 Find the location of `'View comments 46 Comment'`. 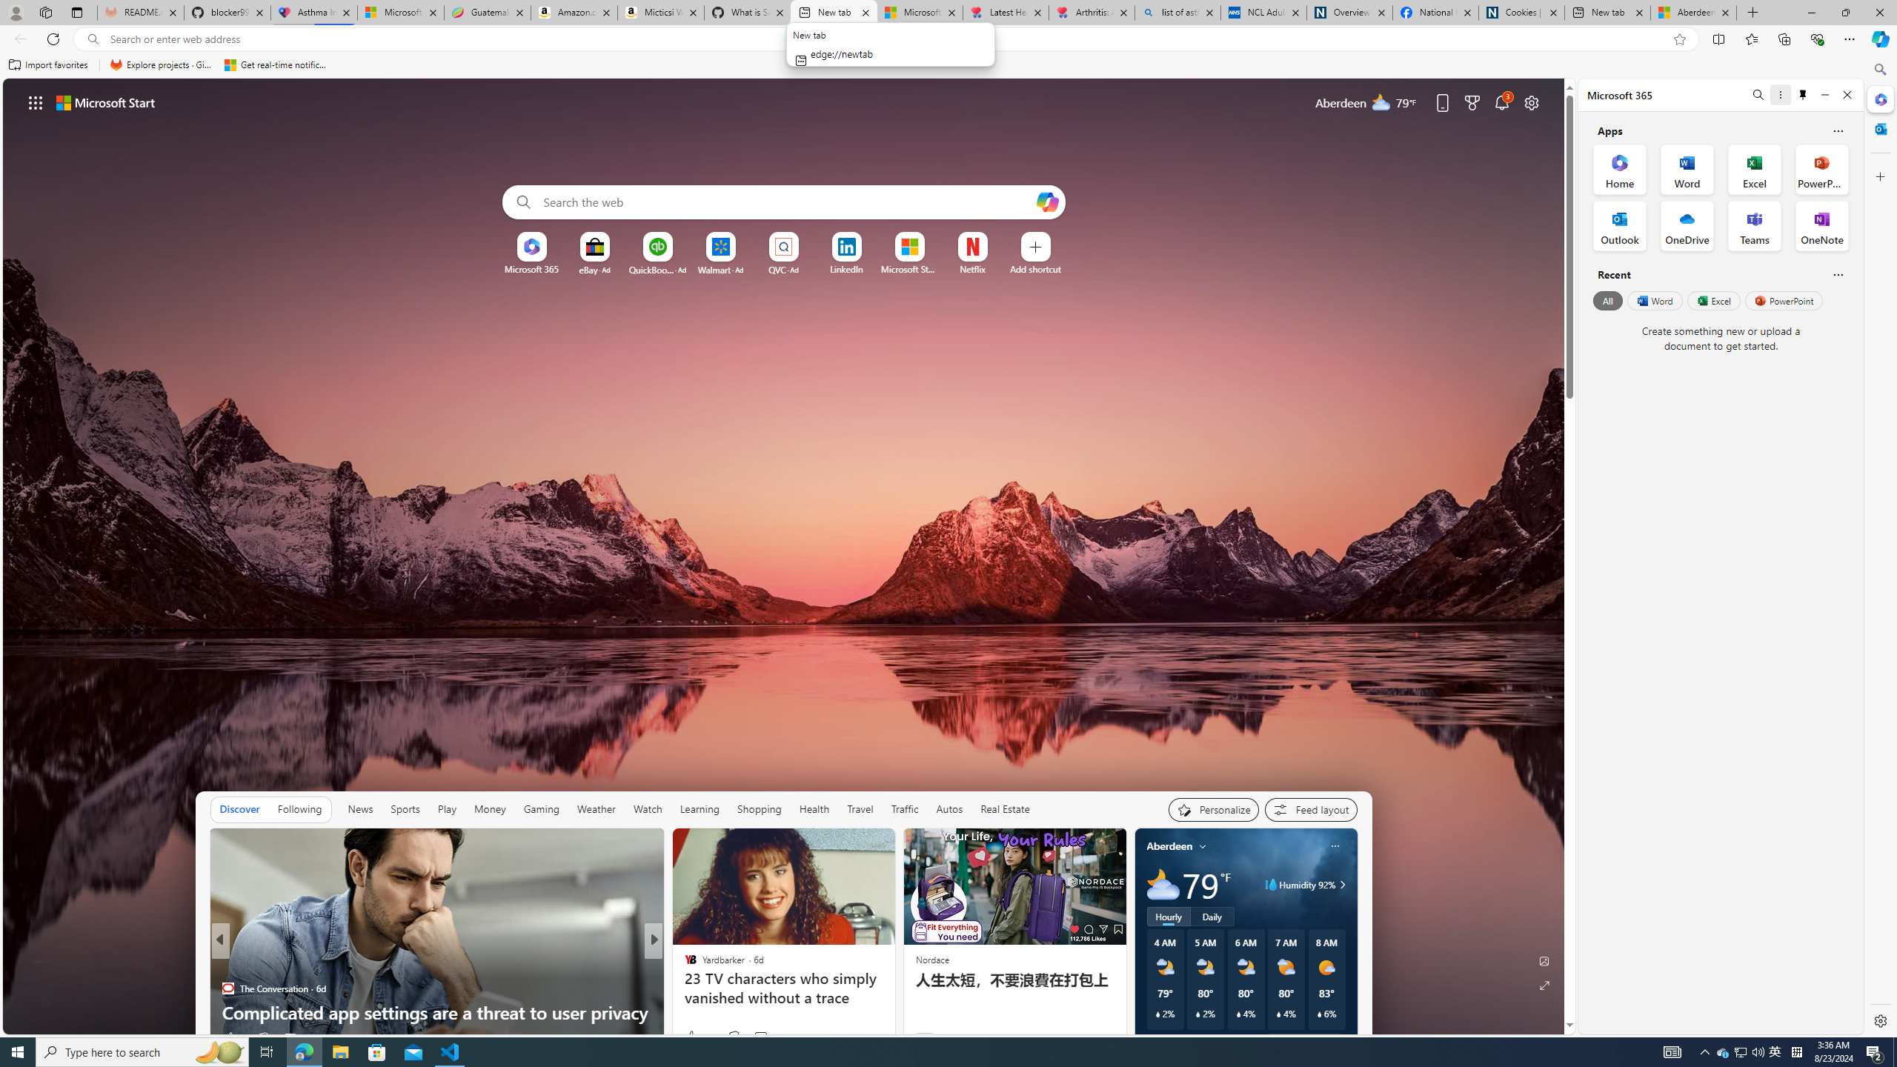

'View comments 46 Comment' is located at coordinates (760, 1036).